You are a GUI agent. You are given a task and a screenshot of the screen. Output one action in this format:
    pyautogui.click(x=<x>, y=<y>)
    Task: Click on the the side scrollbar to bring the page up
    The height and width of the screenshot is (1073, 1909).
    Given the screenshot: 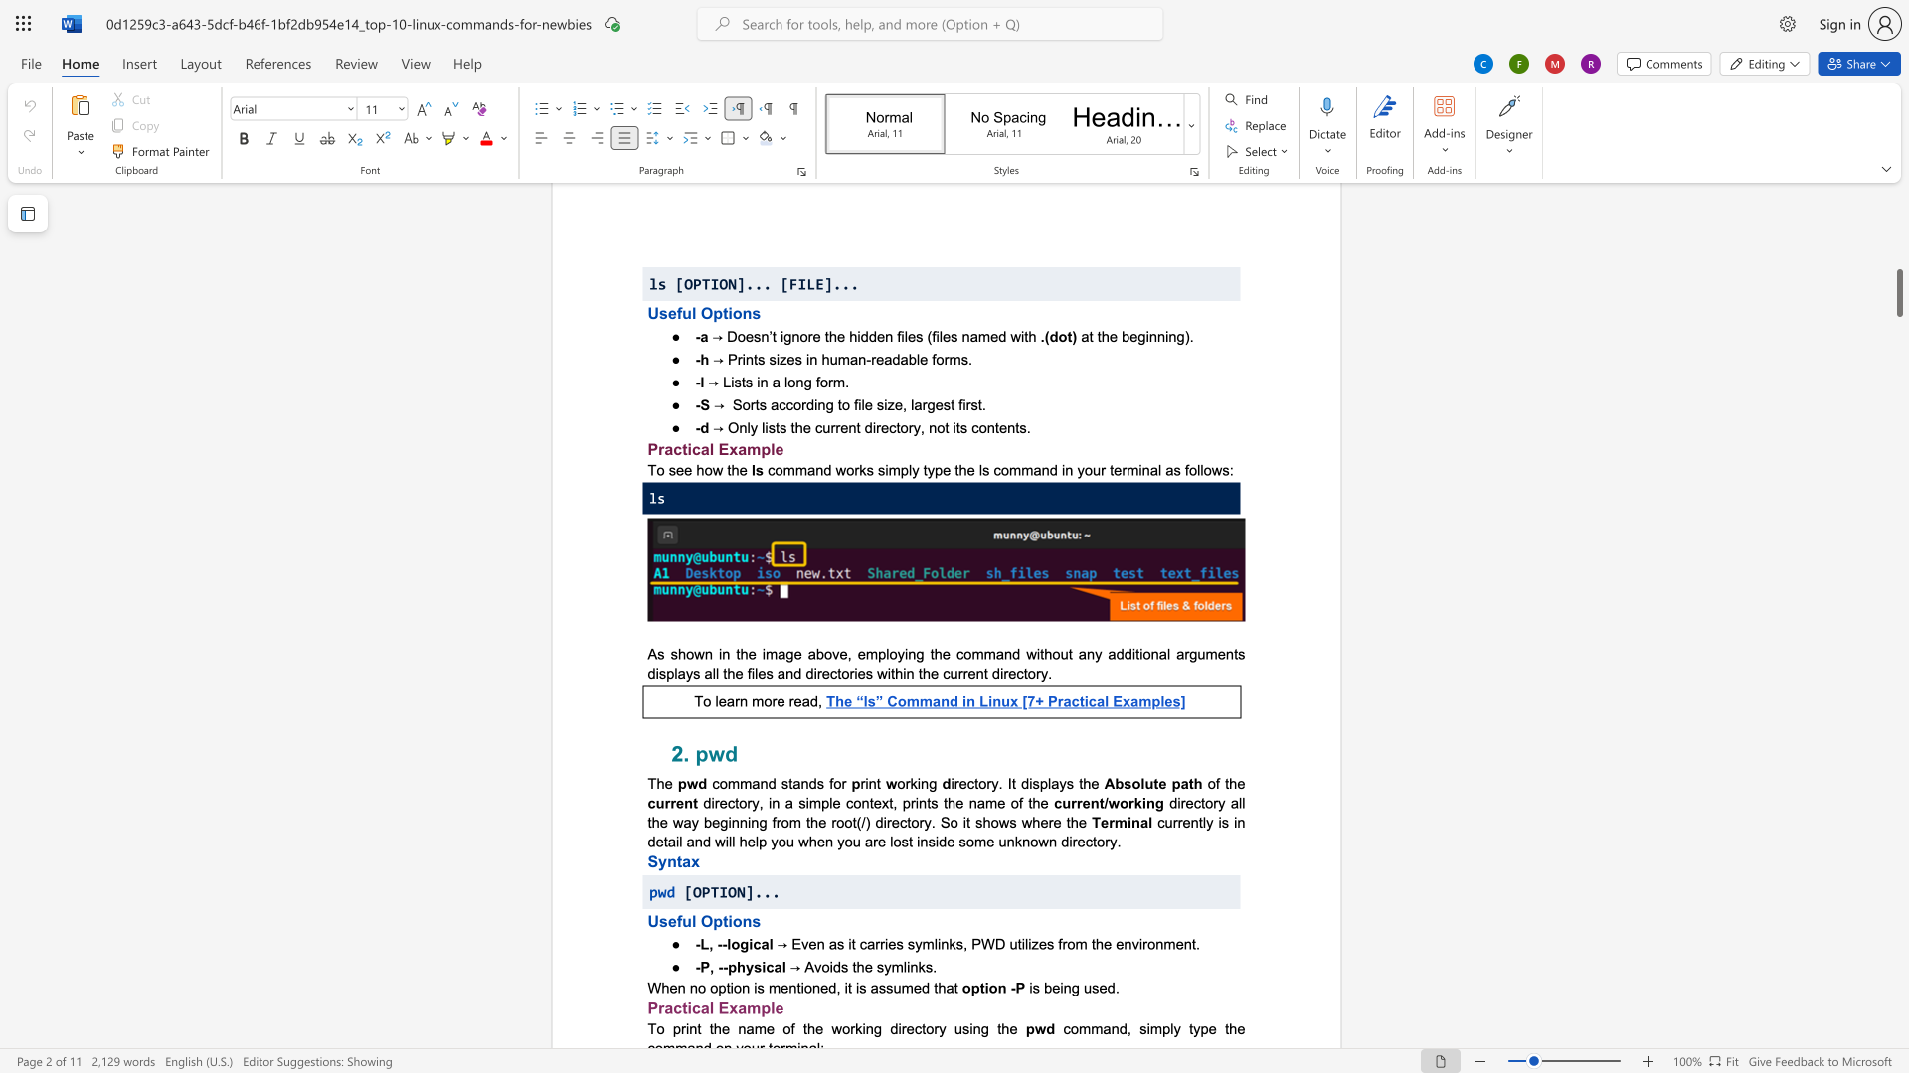 What is the action you would take?
    pyautogui.click(x=1898, y=447)
    